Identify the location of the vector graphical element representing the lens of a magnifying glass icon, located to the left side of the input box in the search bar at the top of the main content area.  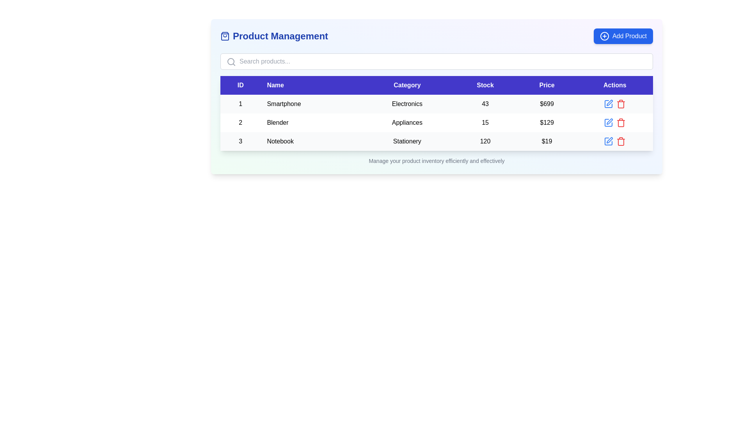
(230, 61).